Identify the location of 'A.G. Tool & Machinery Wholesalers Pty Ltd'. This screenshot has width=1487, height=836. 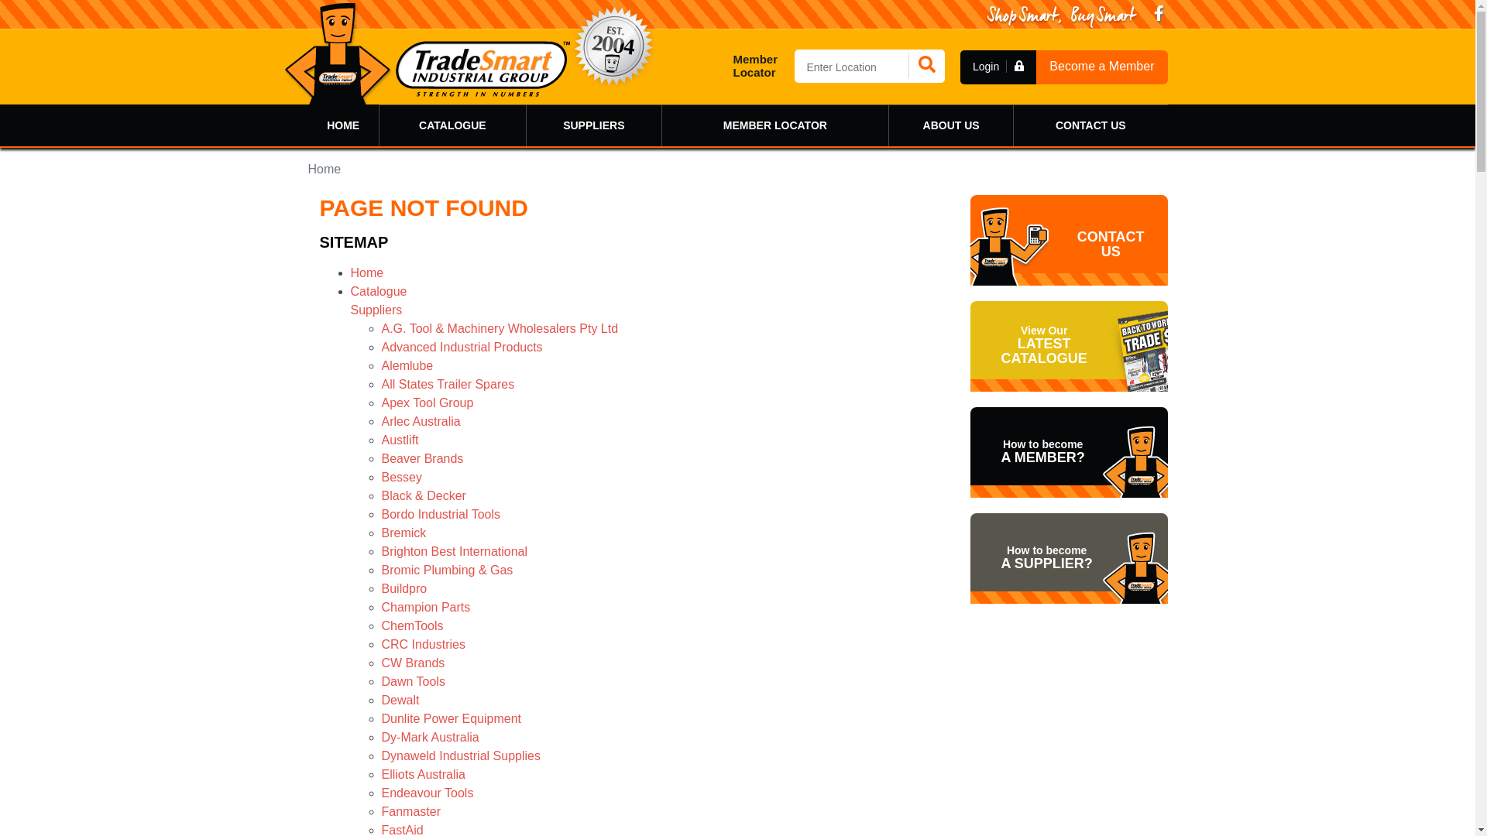
(380, 327).